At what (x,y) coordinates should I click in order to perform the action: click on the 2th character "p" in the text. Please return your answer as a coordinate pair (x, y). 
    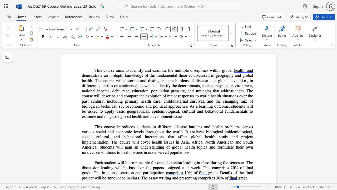
    Looking at the image, I should click on (173, 106).